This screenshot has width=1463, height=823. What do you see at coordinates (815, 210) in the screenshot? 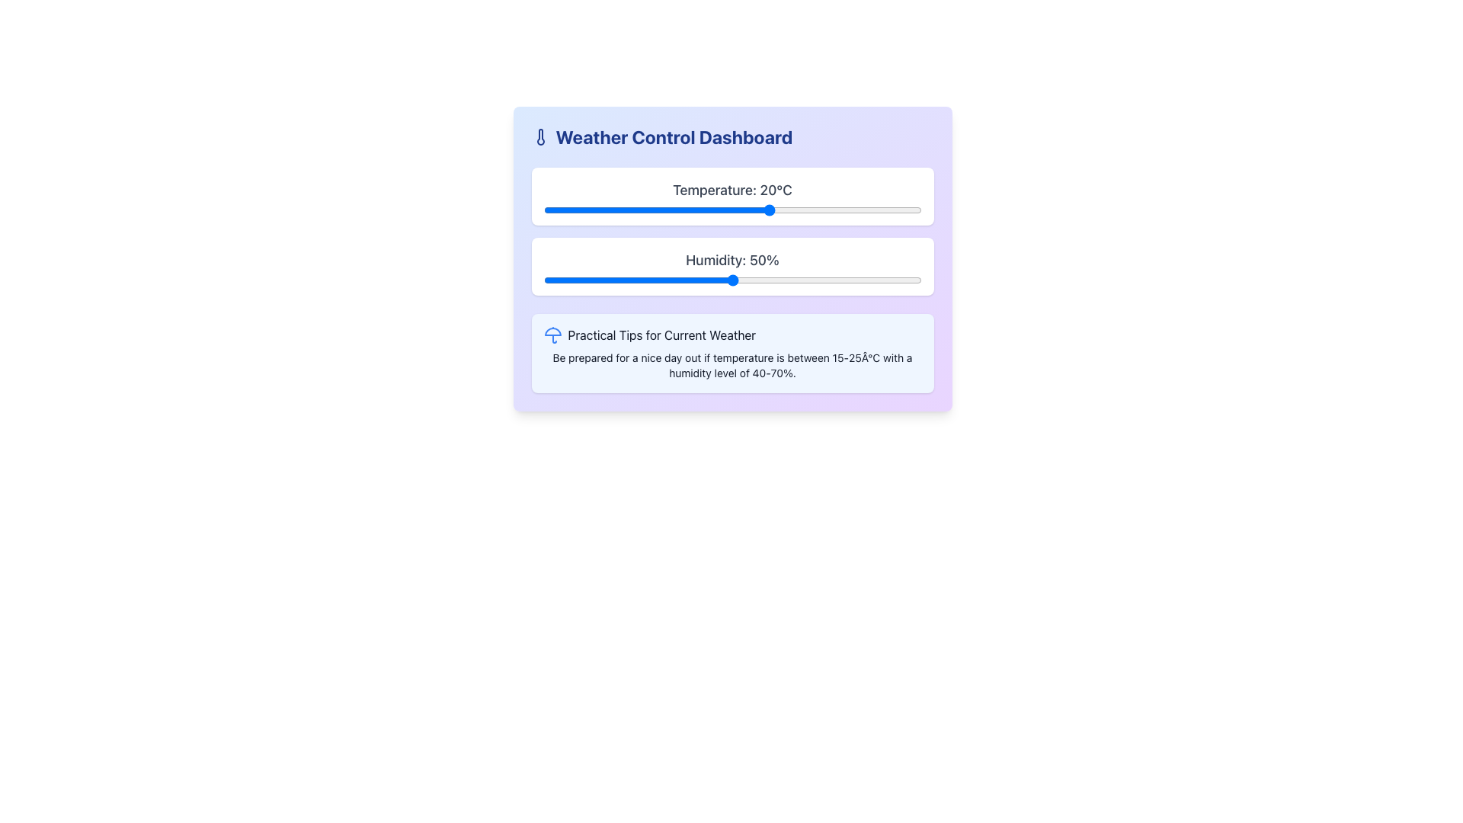
I see `the temperature` at bounding box center [815, 210].